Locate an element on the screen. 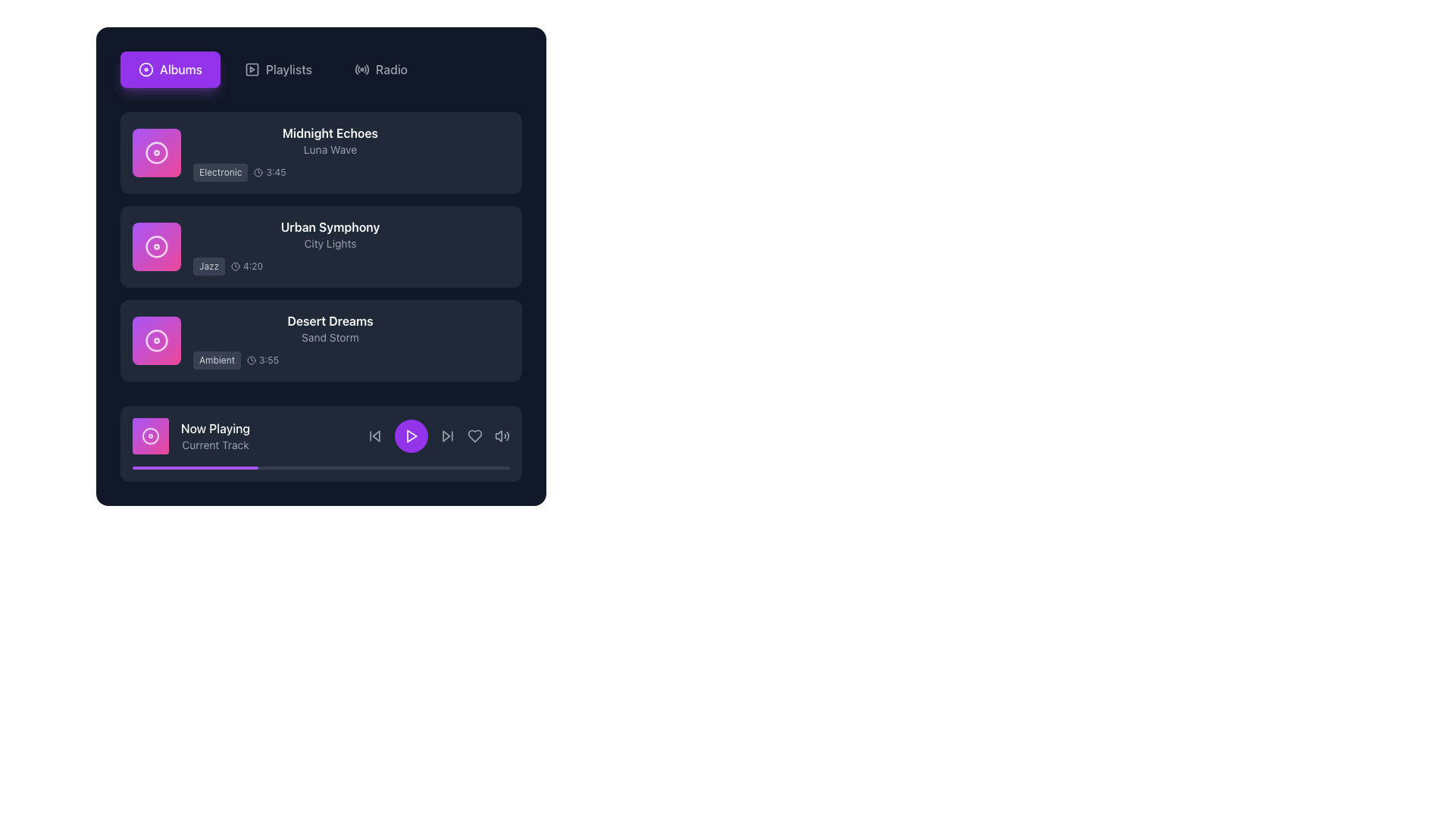 The image size is (1455, 818). the time icon located to the left of the text '3:55' in the 'Desert Dreams' entry of the metadata section is located at coordinates (252, 360).